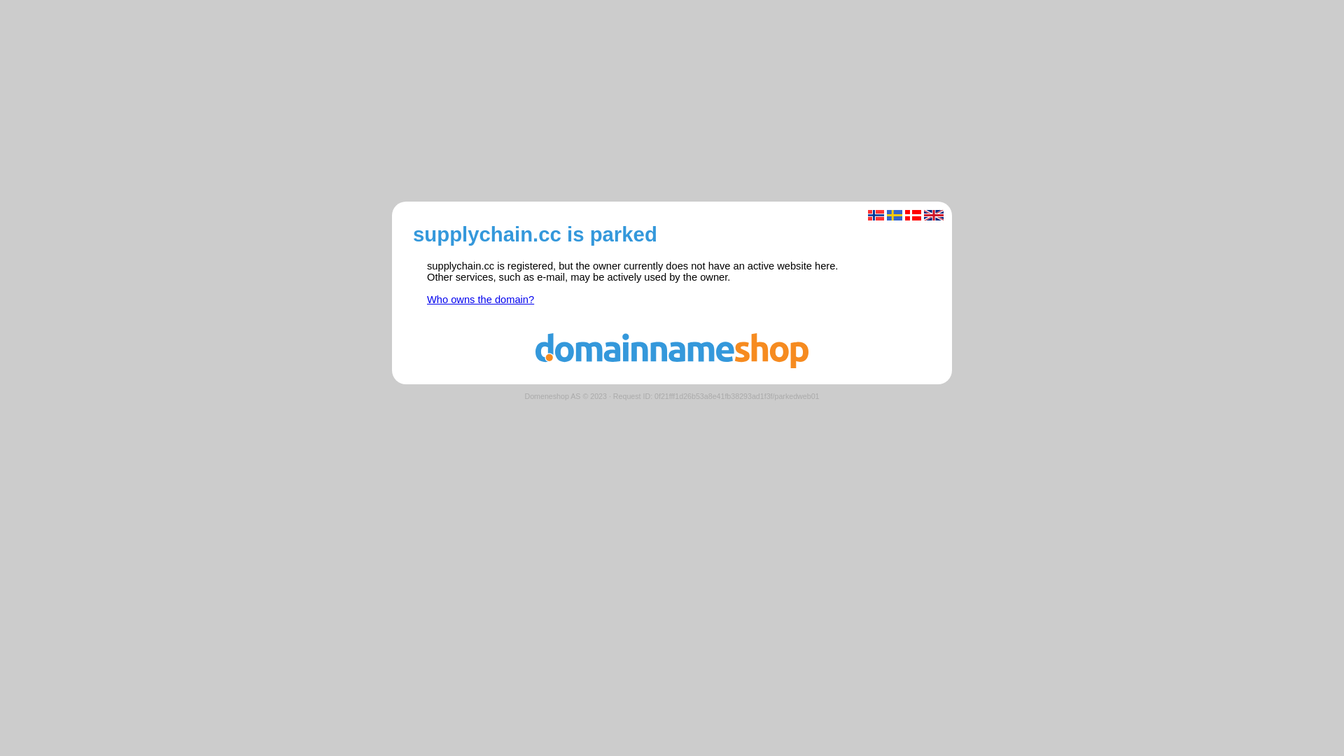 The width and height of the screenshot is (1344, 756). What do you see at coordinates (480, 299) in the screenshot?
I see `'Who owns the domain?'` at bounding box center [480, 299].